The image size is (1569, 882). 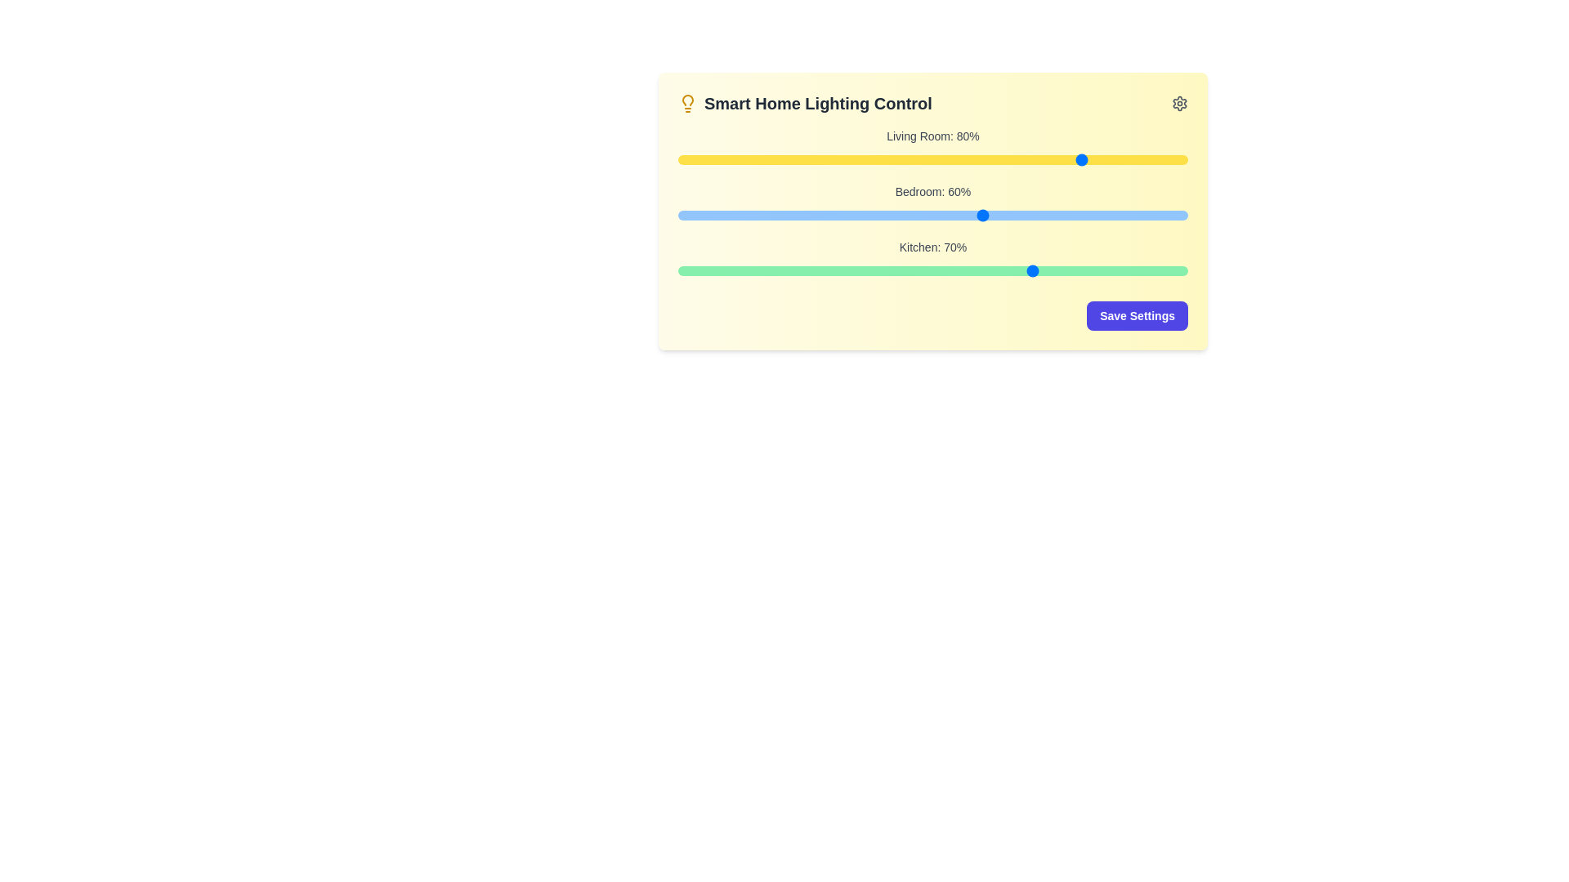 What do you see at coordinates (933, 191) in the screenshot?
I see `the text label indicating the purpose 'Bedroom' and the current value '60%', which is positioned above the blue slider bar in a vertical arrangement` at bounding box center [933, 191].